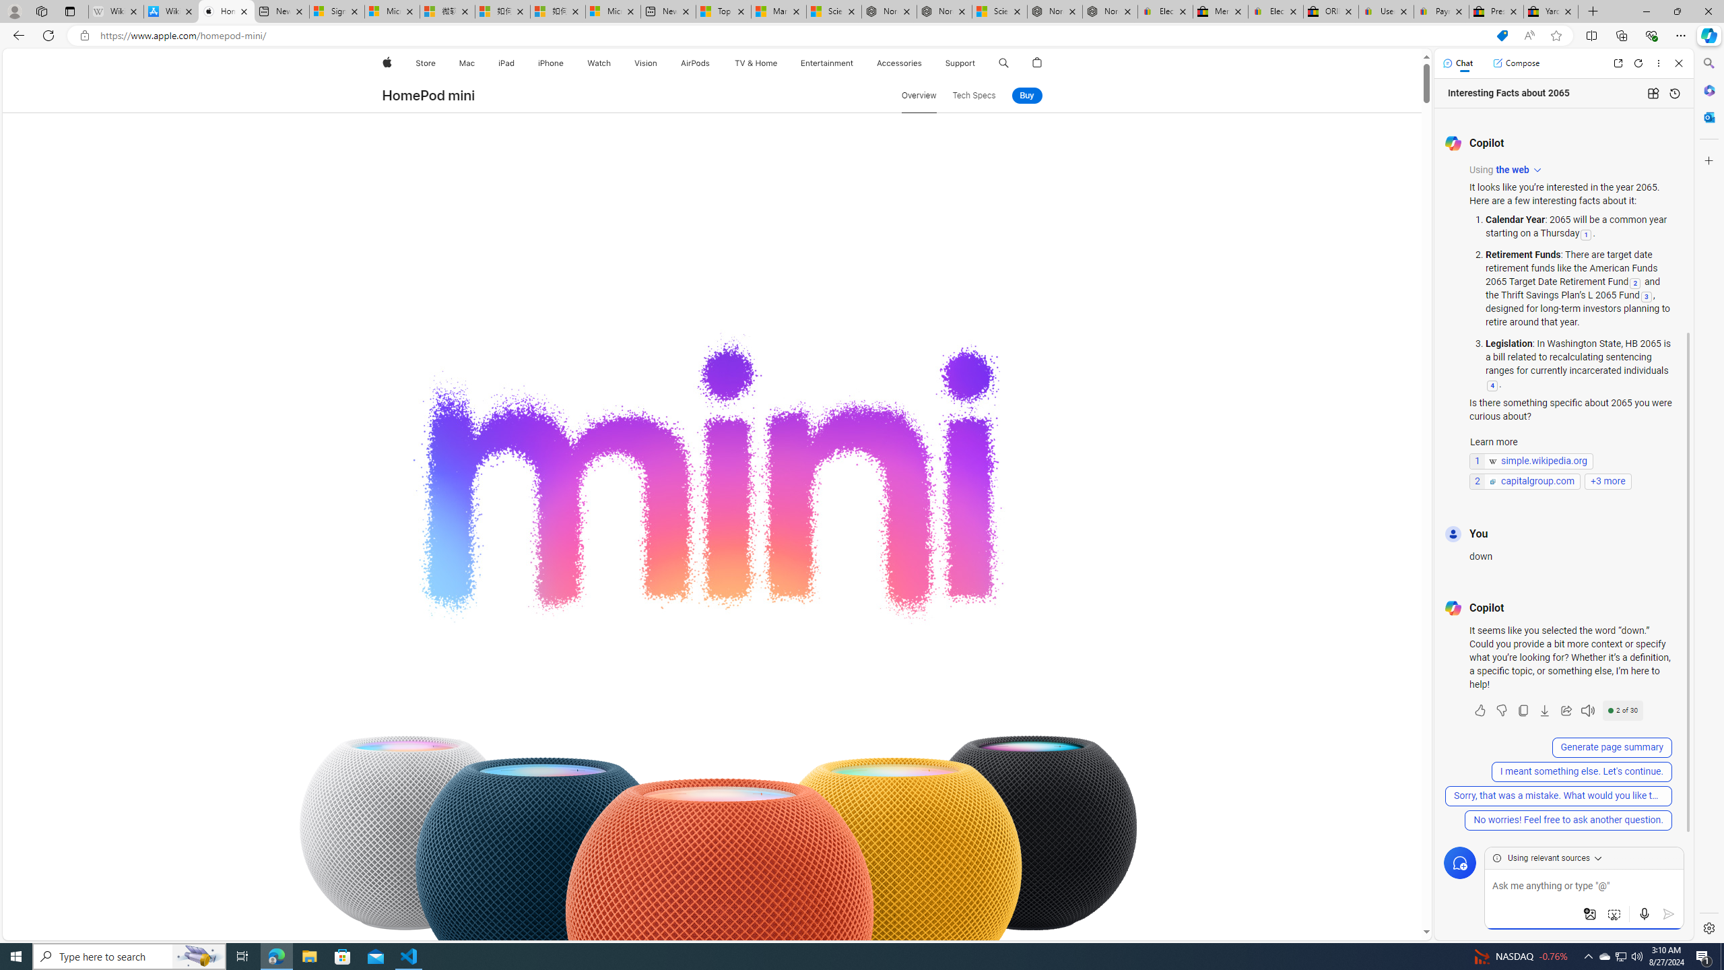  Describe the element at coordinates (977, 63) in the screenshot. I see `'Class: globalnav-submenu-trigger-item'` at that location.